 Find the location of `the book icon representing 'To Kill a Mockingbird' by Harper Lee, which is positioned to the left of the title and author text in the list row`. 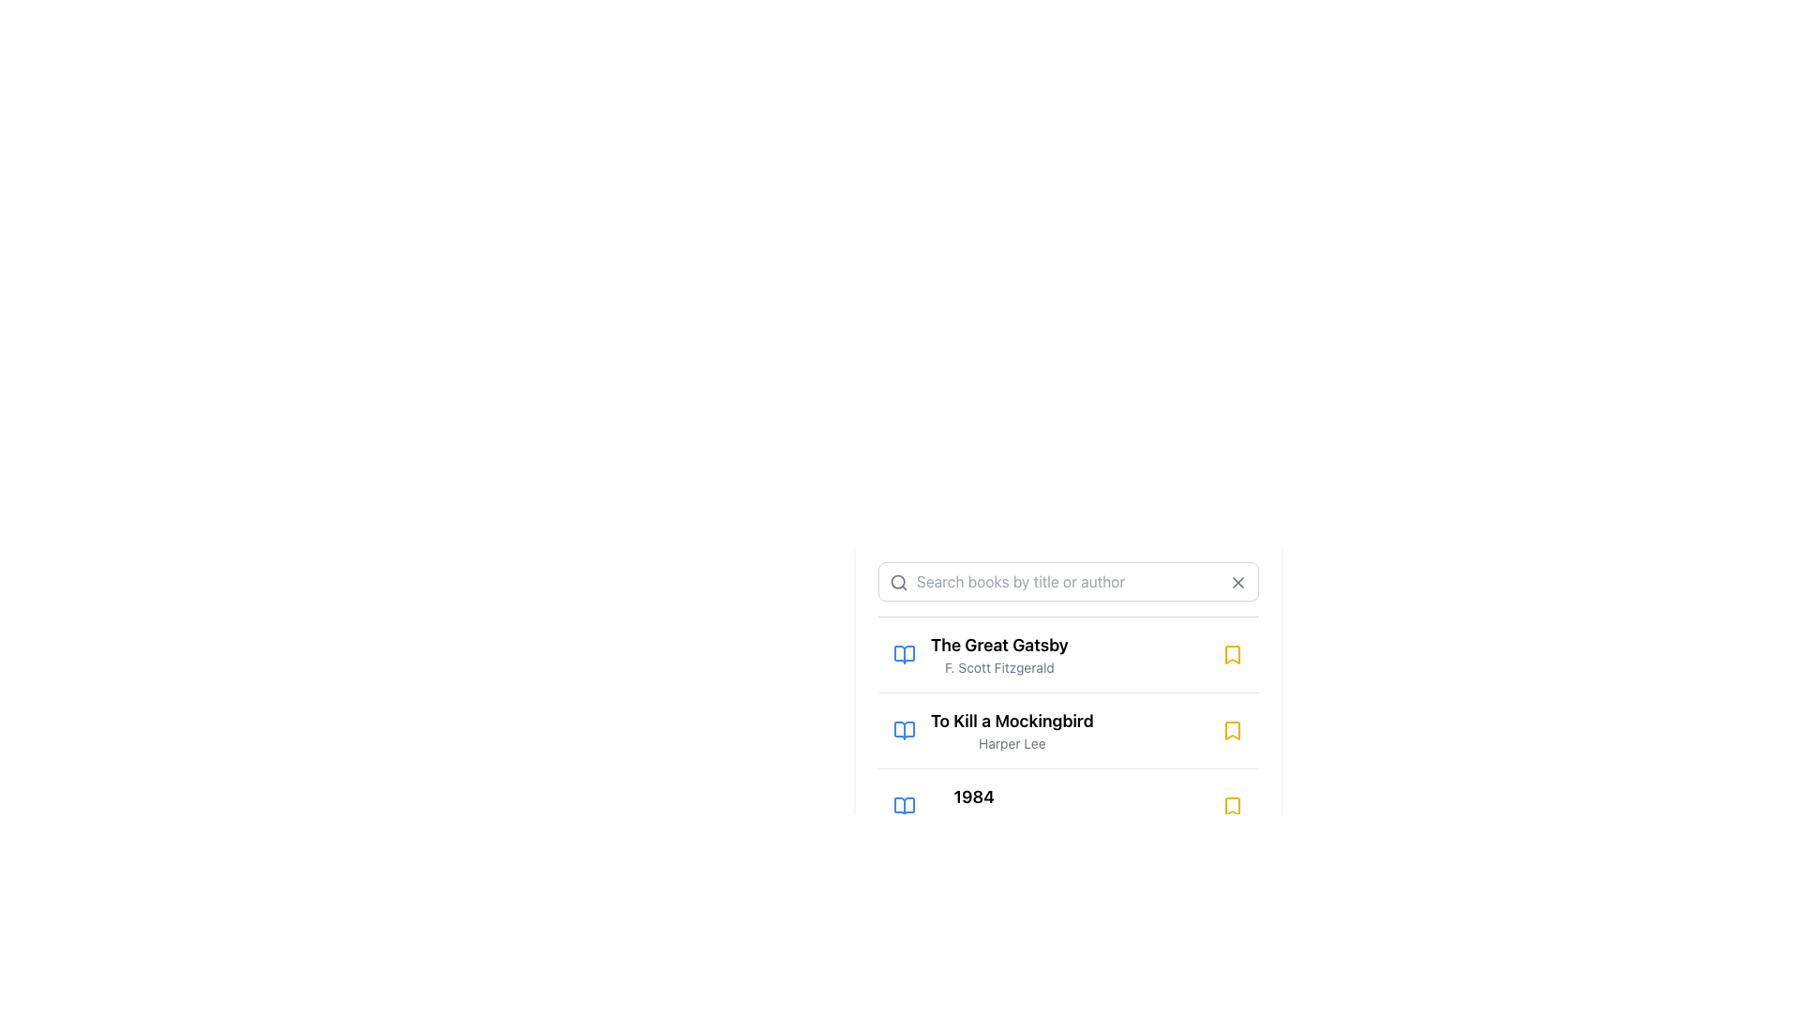

the book icon representing 'To Kill a Mockingbird' by Harper Lee, which is positioned to the left of the title and author text in the list row is located at coordinates (904, 729).